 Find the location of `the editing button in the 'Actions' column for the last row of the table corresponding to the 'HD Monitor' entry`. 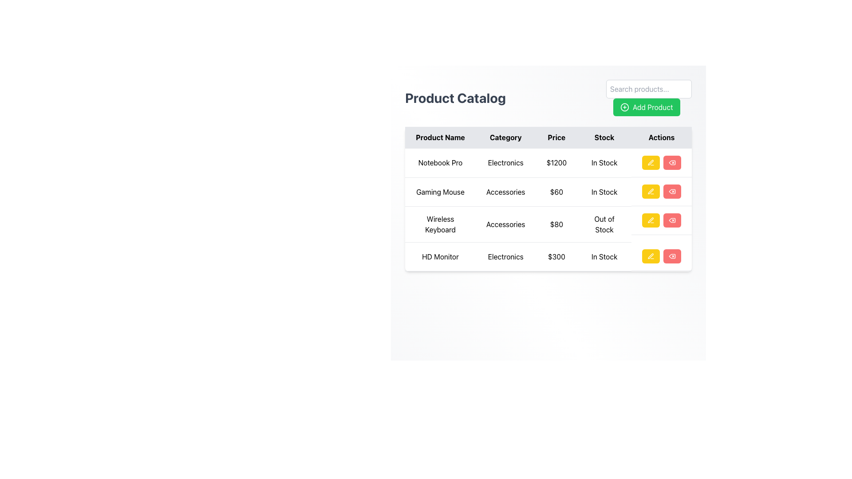

the editing button in the 'Actions' column for the last row of the table corresponding to the 'HD Monitor' entry is located at coordinates (651, 256).